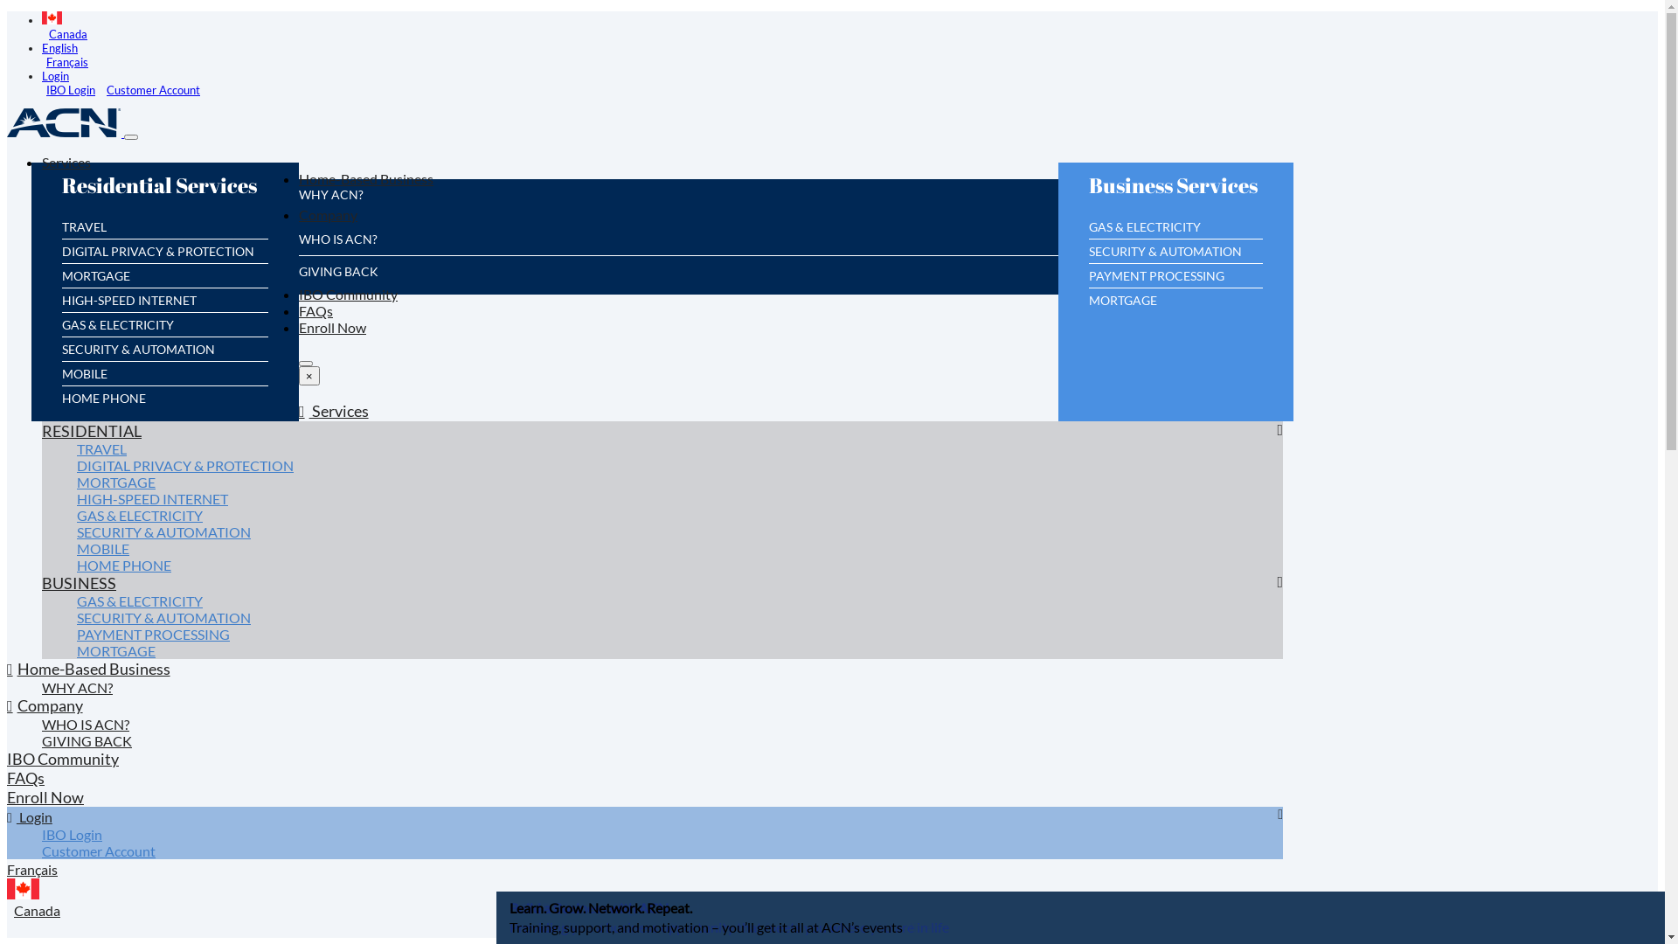 The width and height of the screenshot is (1678, 944). I want to click on 'Residential Services', so click(163, 194).